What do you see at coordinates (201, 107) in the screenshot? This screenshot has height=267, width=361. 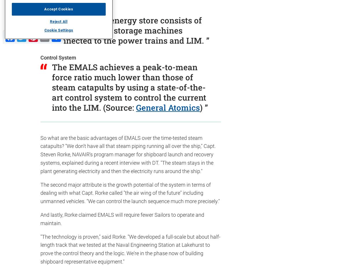 I see `')'` at bounding box center [201, 107].